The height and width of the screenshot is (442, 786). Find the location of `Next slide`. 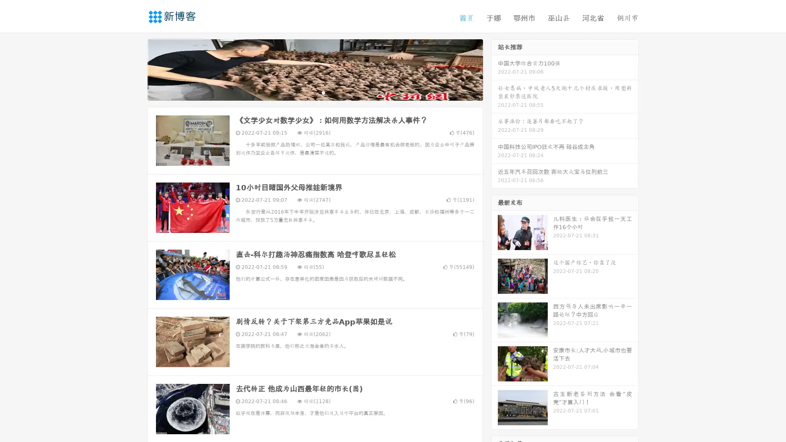

Next slide is located at coordinates (495, 69).